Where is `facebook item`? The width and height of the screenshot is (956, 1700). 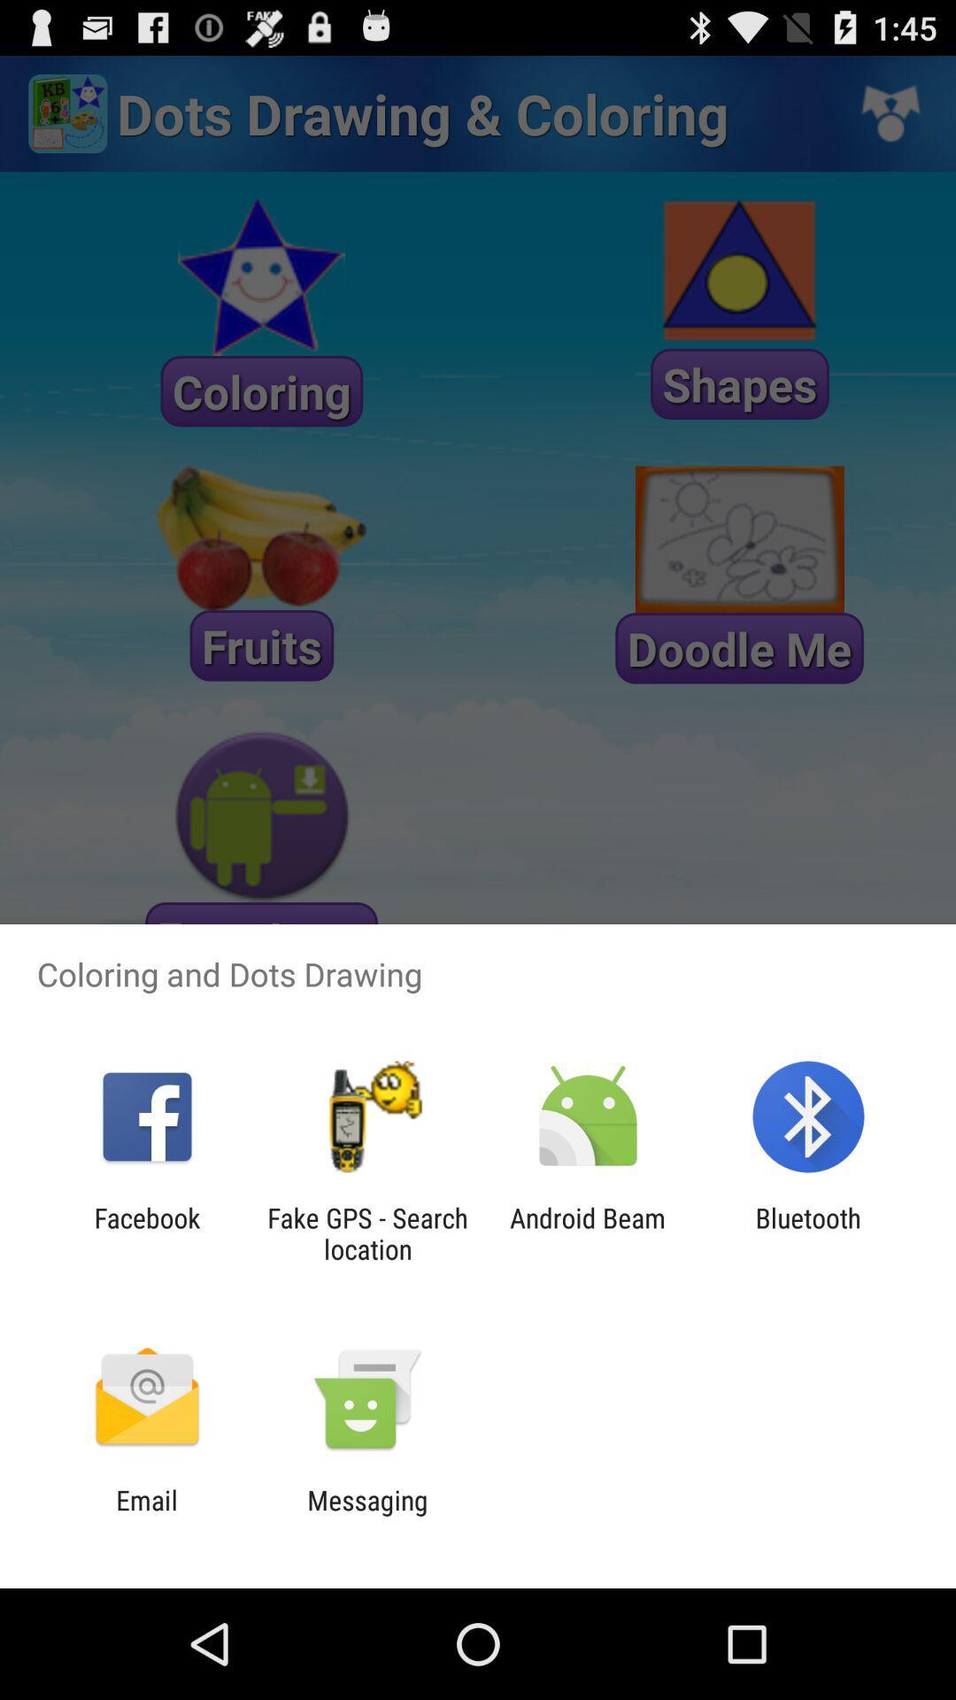
facebook item is located at coordinates (146, 1232).